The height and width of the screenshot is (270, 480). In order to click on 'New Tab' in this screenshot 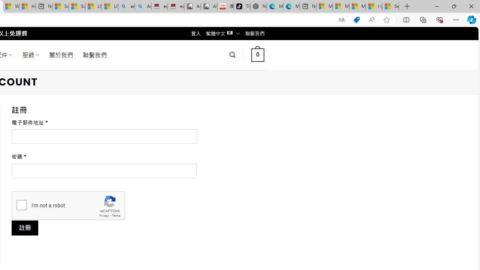, I will do `click(407, 6)`.